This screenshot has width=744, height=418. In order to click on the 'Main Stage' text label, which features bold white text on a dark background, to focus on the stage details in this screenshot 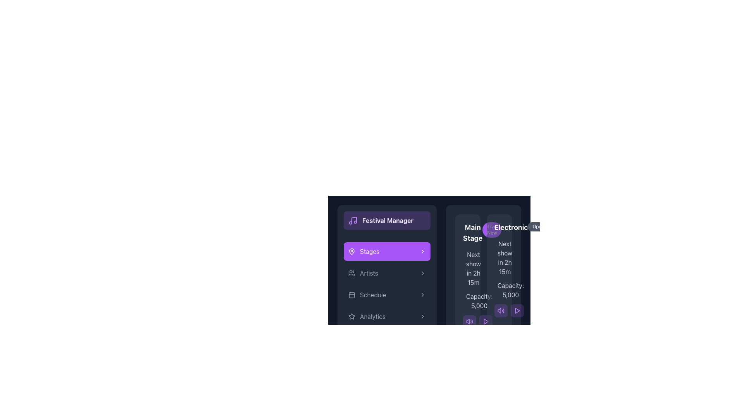, I will do `click(472, 232)`.